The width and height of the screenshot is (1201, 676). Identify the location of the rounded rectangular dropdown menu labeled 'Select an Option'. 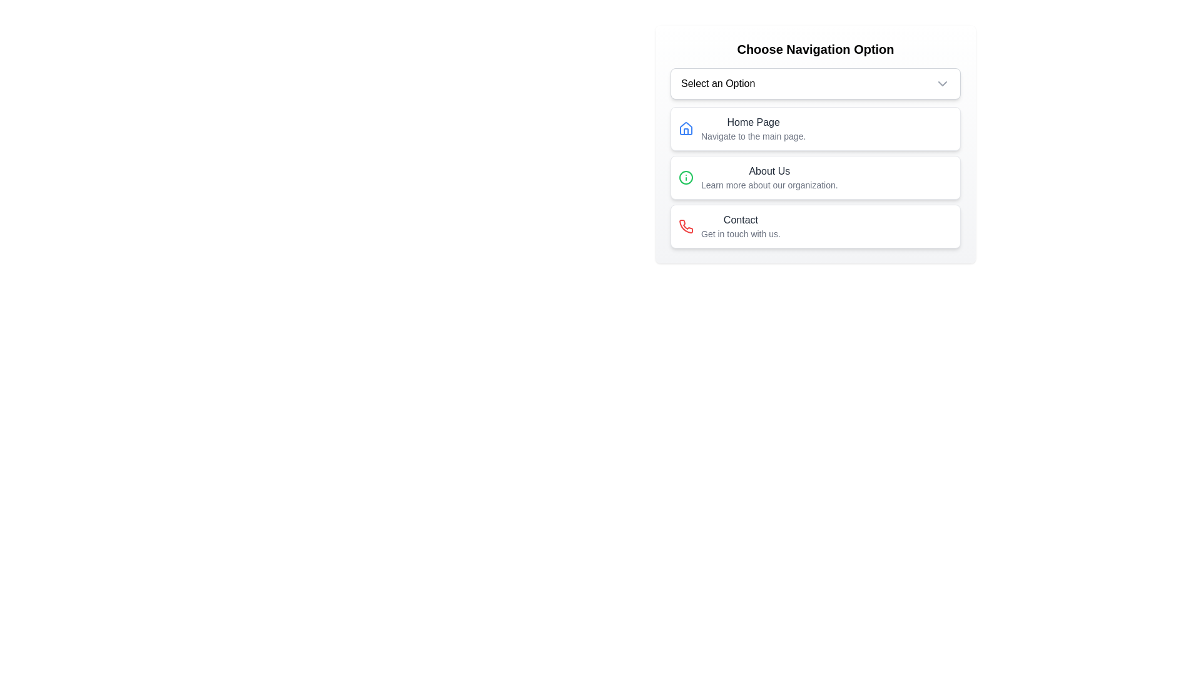
(816, 84).